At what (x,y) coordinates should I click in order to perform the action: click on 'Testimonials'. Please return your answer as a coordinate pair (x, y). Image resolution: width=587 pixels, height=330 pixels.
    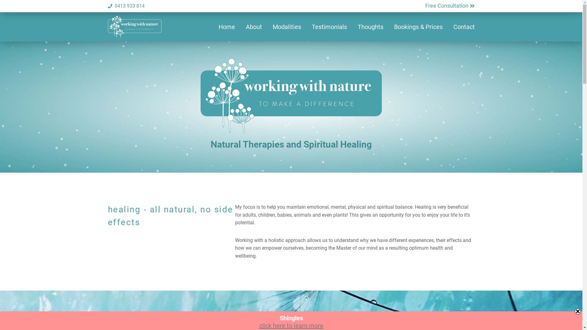
    Looking at the image, I should click on (329, 27).